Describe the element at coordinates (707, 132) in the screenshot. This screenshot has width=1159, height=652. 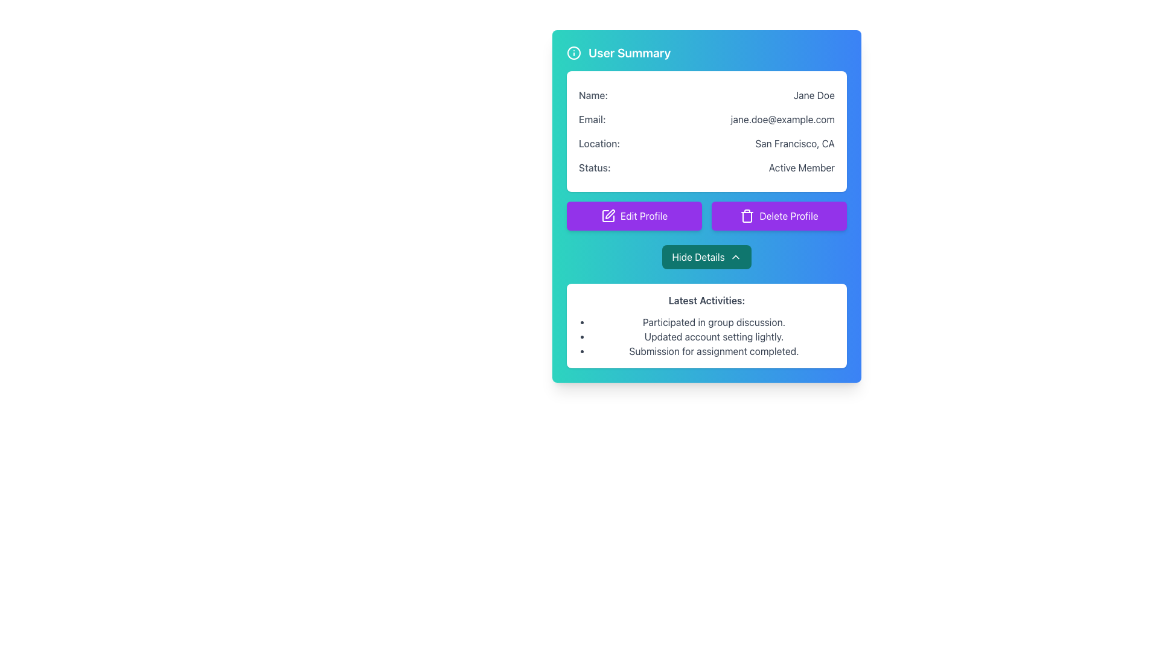
I see `the Information pane located in the User Summary section, which displays the user's profile information such as name, email, location, and status` at that location.